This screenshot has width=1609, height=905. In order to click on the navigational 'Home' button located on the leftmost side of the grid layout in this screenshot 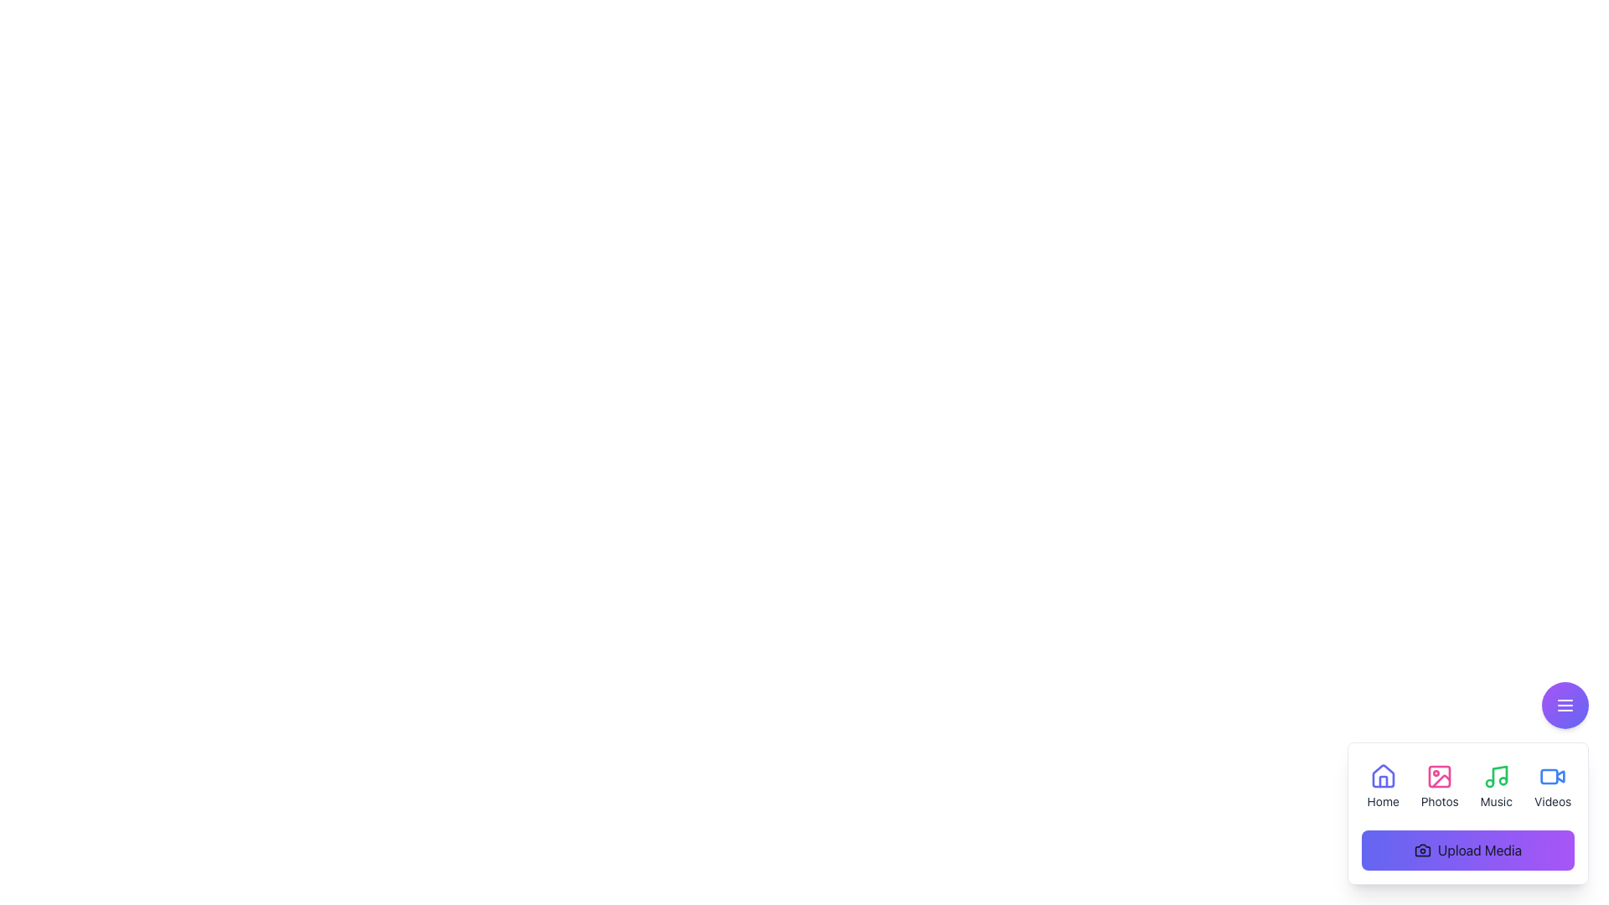, I will do `click(1383, 786)`.